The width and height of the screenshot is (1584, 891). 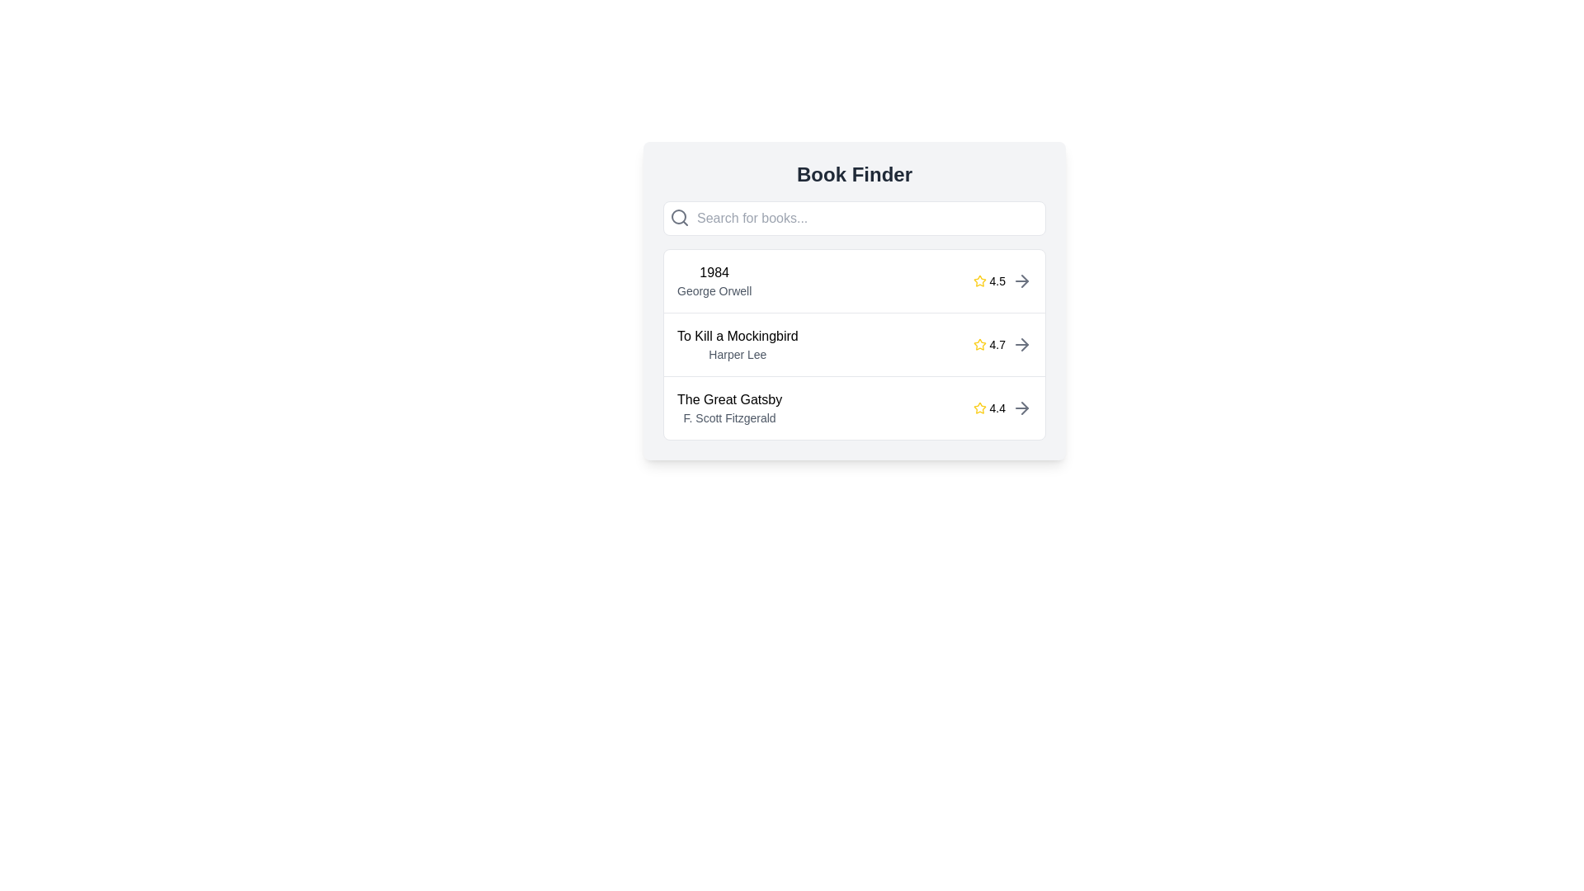 What do you see at coordinates (714, 280) in the screenshot?
I see `on the textual information display containing the title '1984' and author 'George Orwell'` at bounding box center [714, 280].